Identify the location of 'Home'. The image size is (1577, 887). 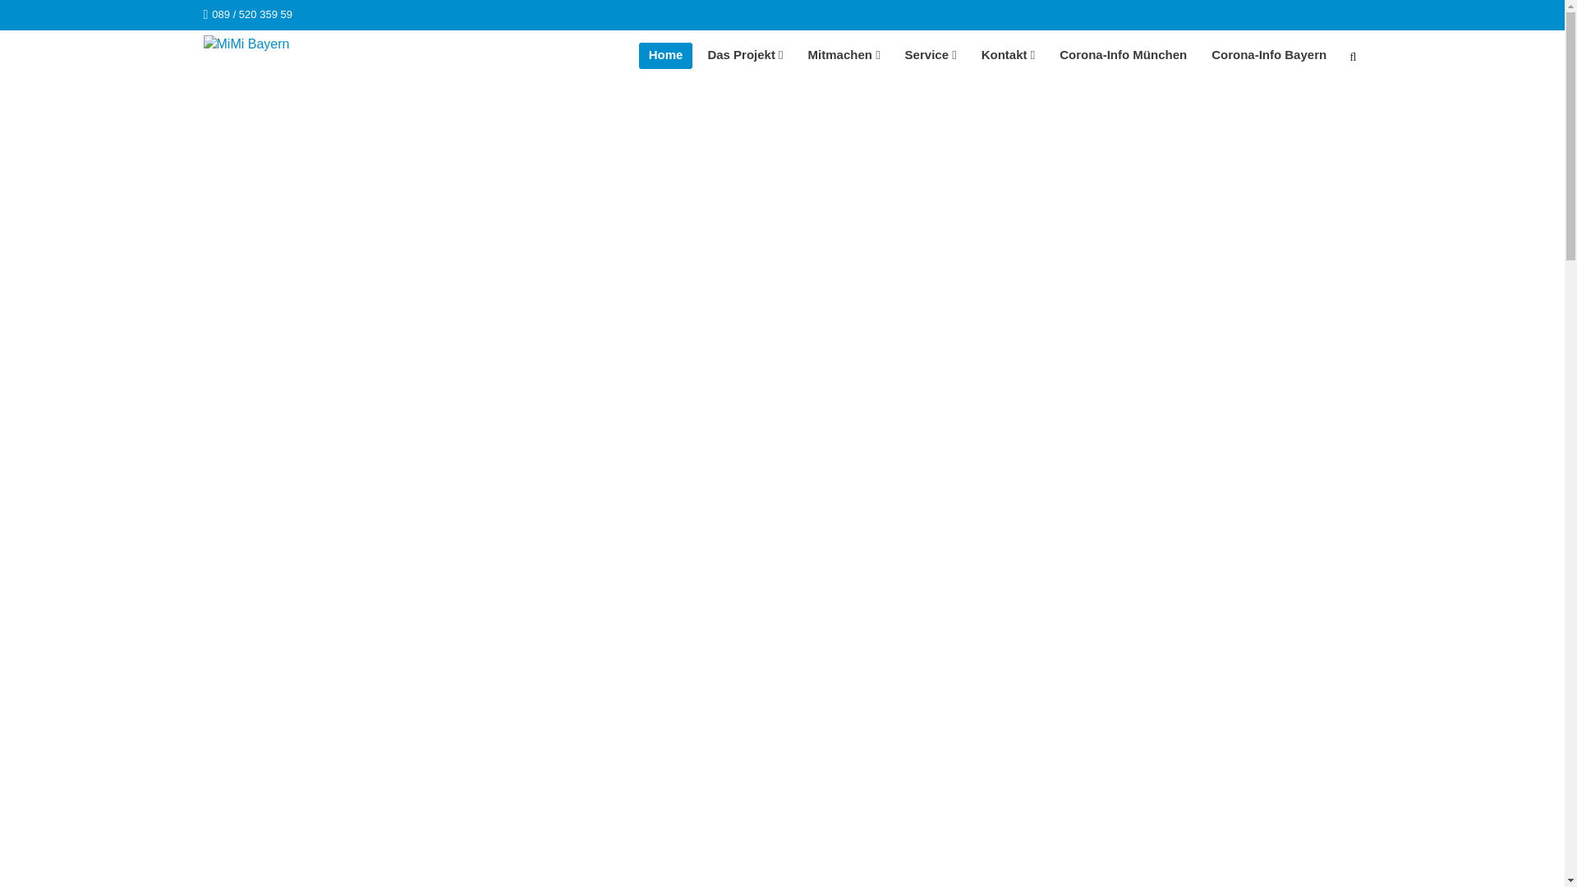
(666, 55).